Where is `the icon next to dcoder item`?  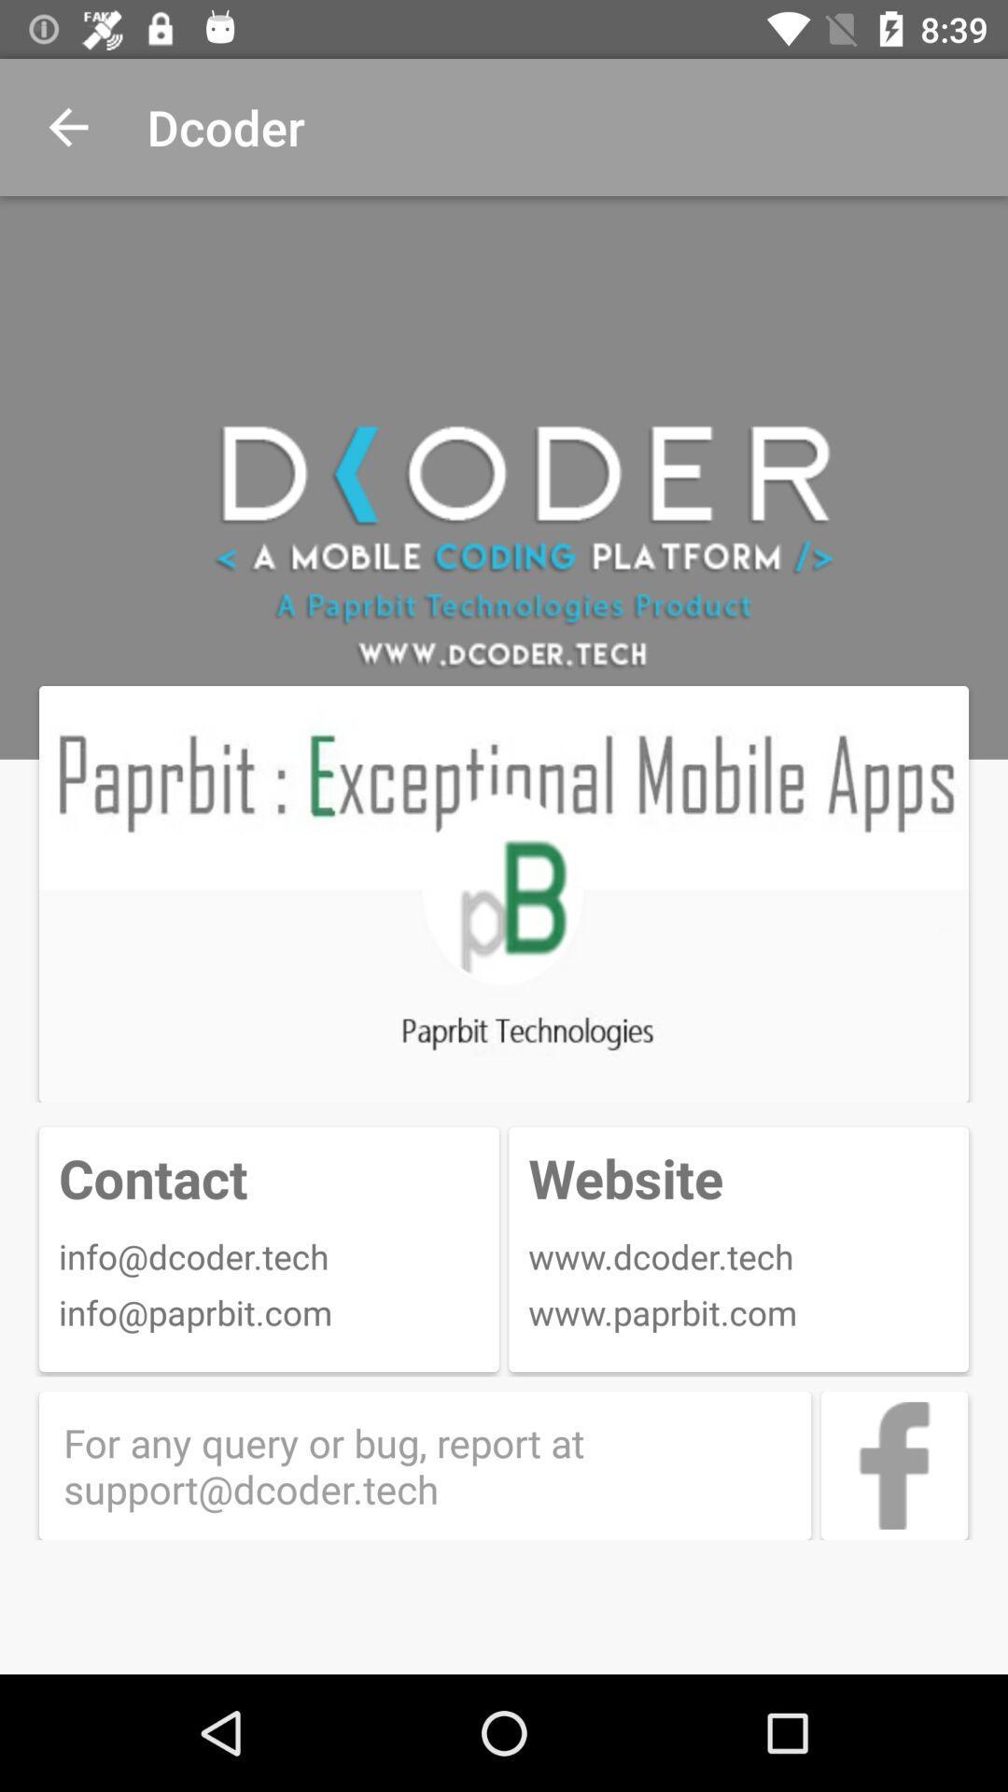
the icon next to dcoder item is located at coordinates (67, 126).